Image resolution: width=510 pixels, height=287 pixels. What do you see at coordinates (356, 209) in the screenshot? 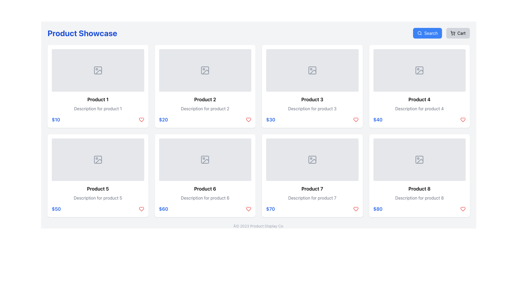
I see `the heart-shaped icon in the Product 7 card to mark the product as a favorite` at bounding box center [356, 209].